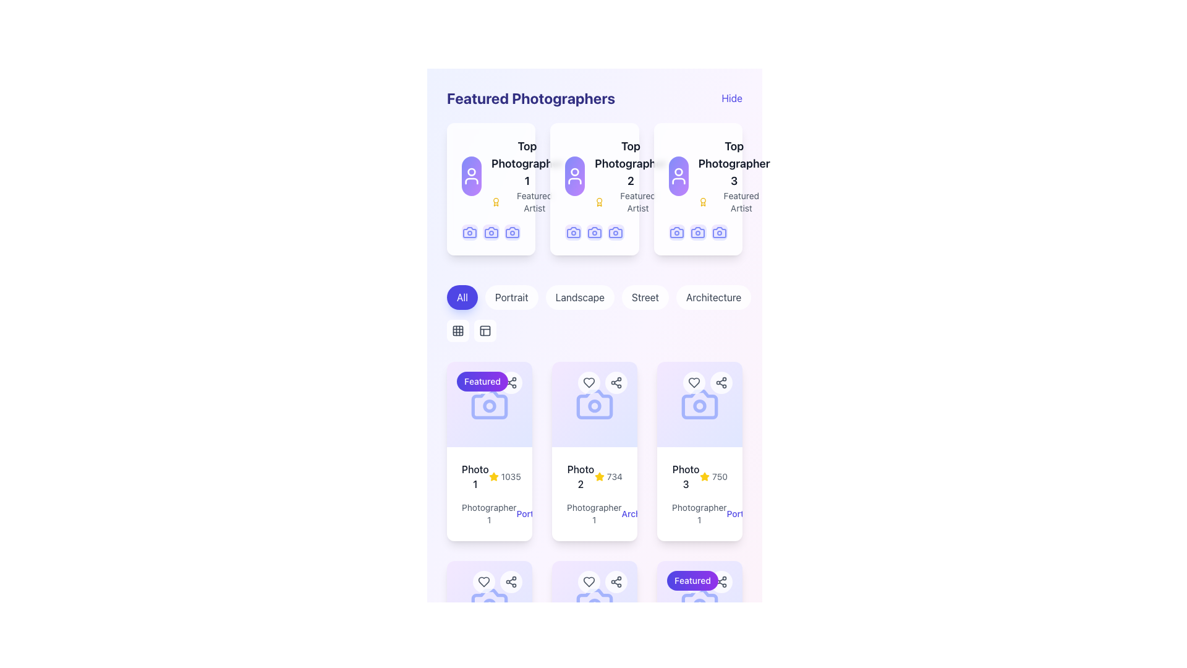  Describe the element at coordinates (713, 476) in the screenshot. I see `number '750' displayed in gray font next to the yellow star icon in the 'Photo 3' card` at that location.